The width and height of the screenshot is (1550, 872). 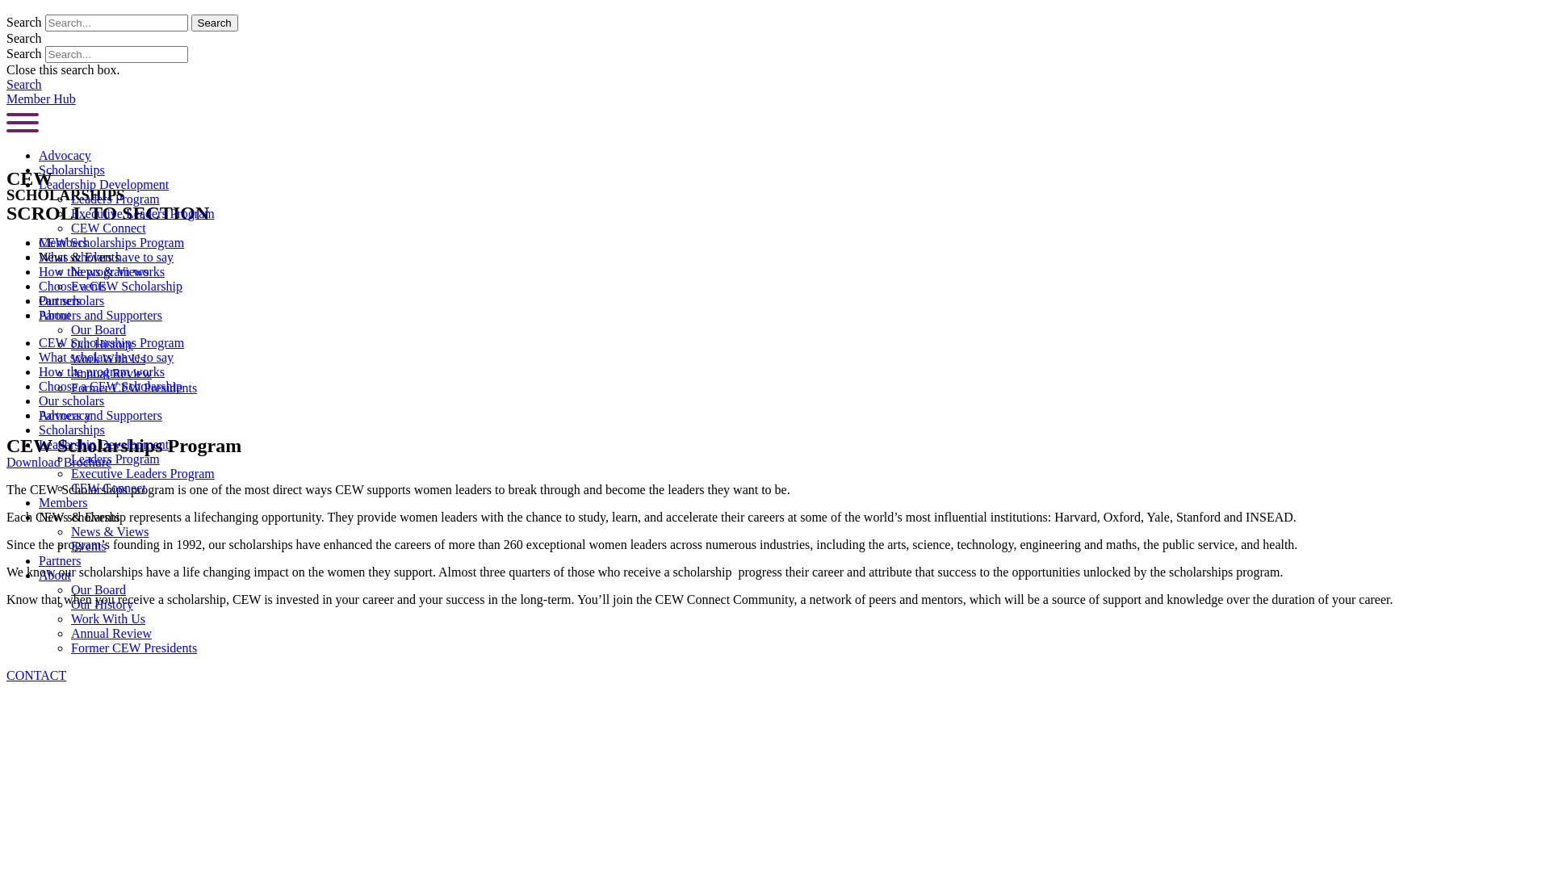 What do you see at coordinates (101, 343) in the screenshot?
I see `'Our History'` at bounding box center [101, 343].